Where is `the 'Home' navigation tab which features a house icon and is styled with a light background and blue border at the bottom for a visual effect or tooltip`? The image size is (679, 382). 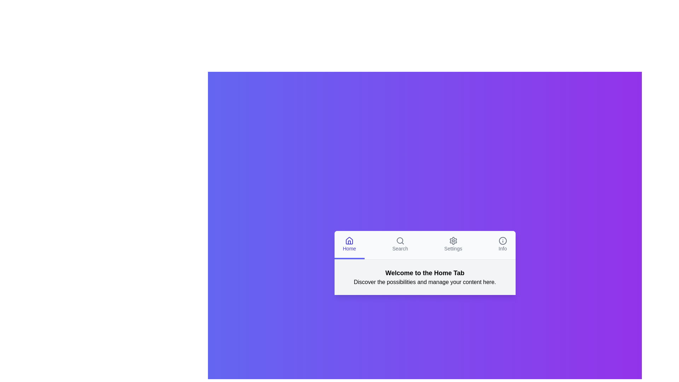
the 'Home' navigation tab which features a house icon and is styled with a light background and blue border at the bottom for a visual effect or tooltip is located at coordinates (349, 244).